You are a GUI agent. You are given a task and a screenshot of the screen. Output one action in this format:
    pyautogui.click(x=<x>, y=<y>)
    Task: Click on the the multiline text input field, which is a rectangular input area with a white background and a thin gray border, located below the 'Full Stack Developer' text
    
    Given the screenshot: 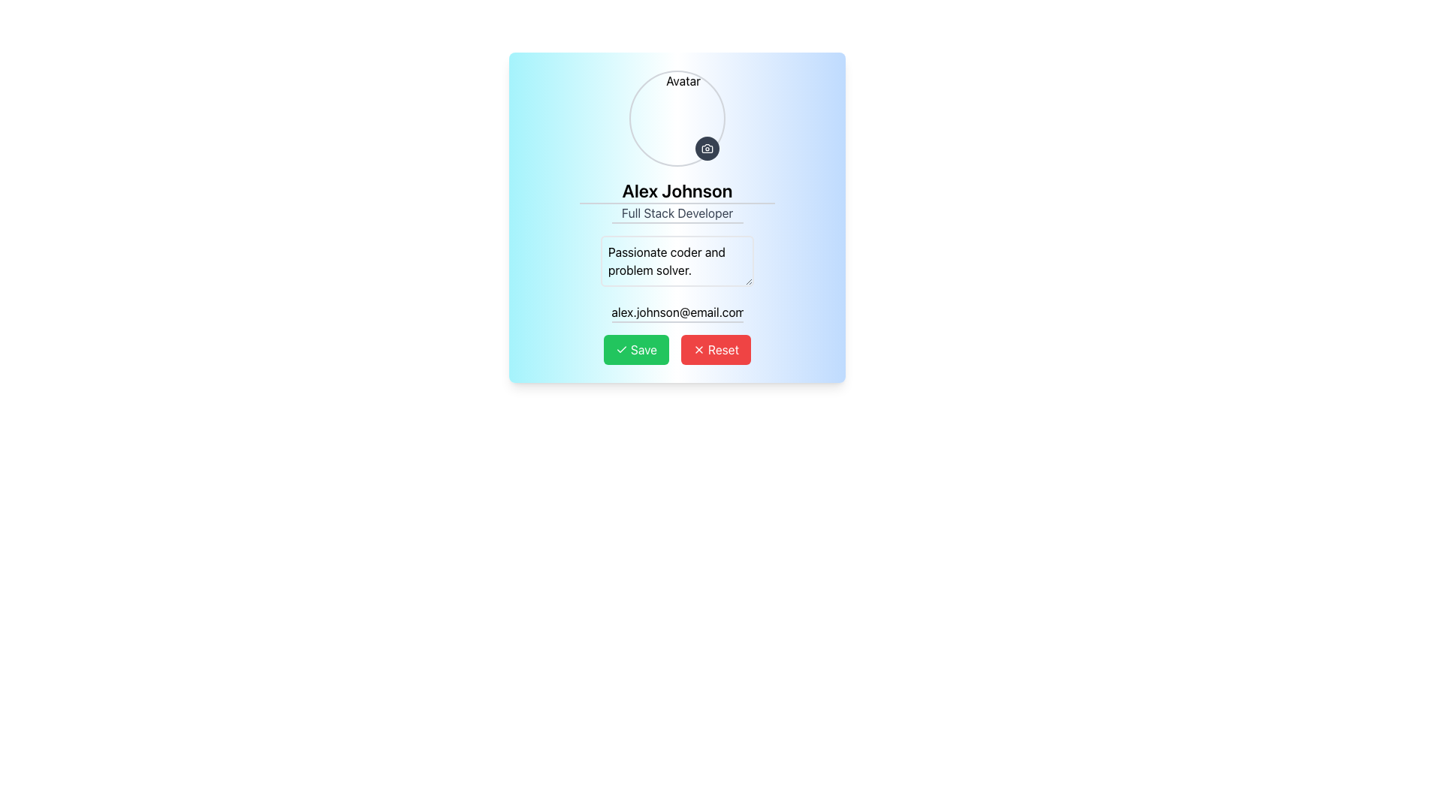 What is the action you would take?
    pyautogui.click(x=677, y=263)
    